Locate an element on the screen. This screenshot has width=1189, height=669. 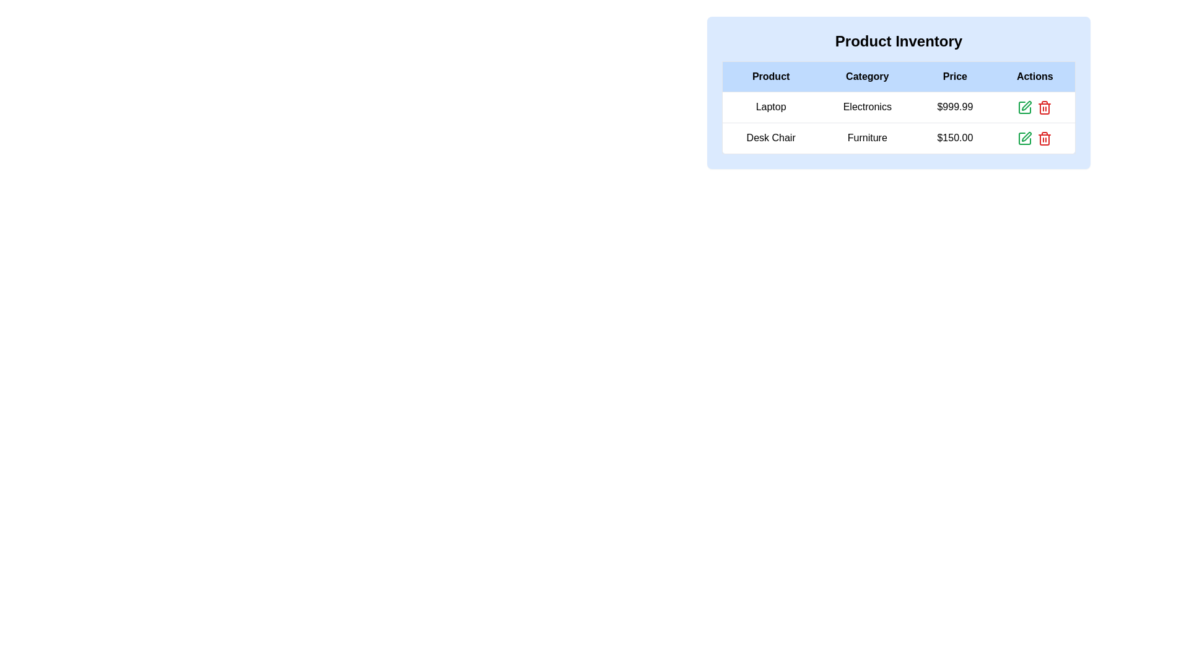
the green square button with a pen icon in the 'Actions' column of the second row for 'Desk Chair' is located at coordinates (1025, 107).